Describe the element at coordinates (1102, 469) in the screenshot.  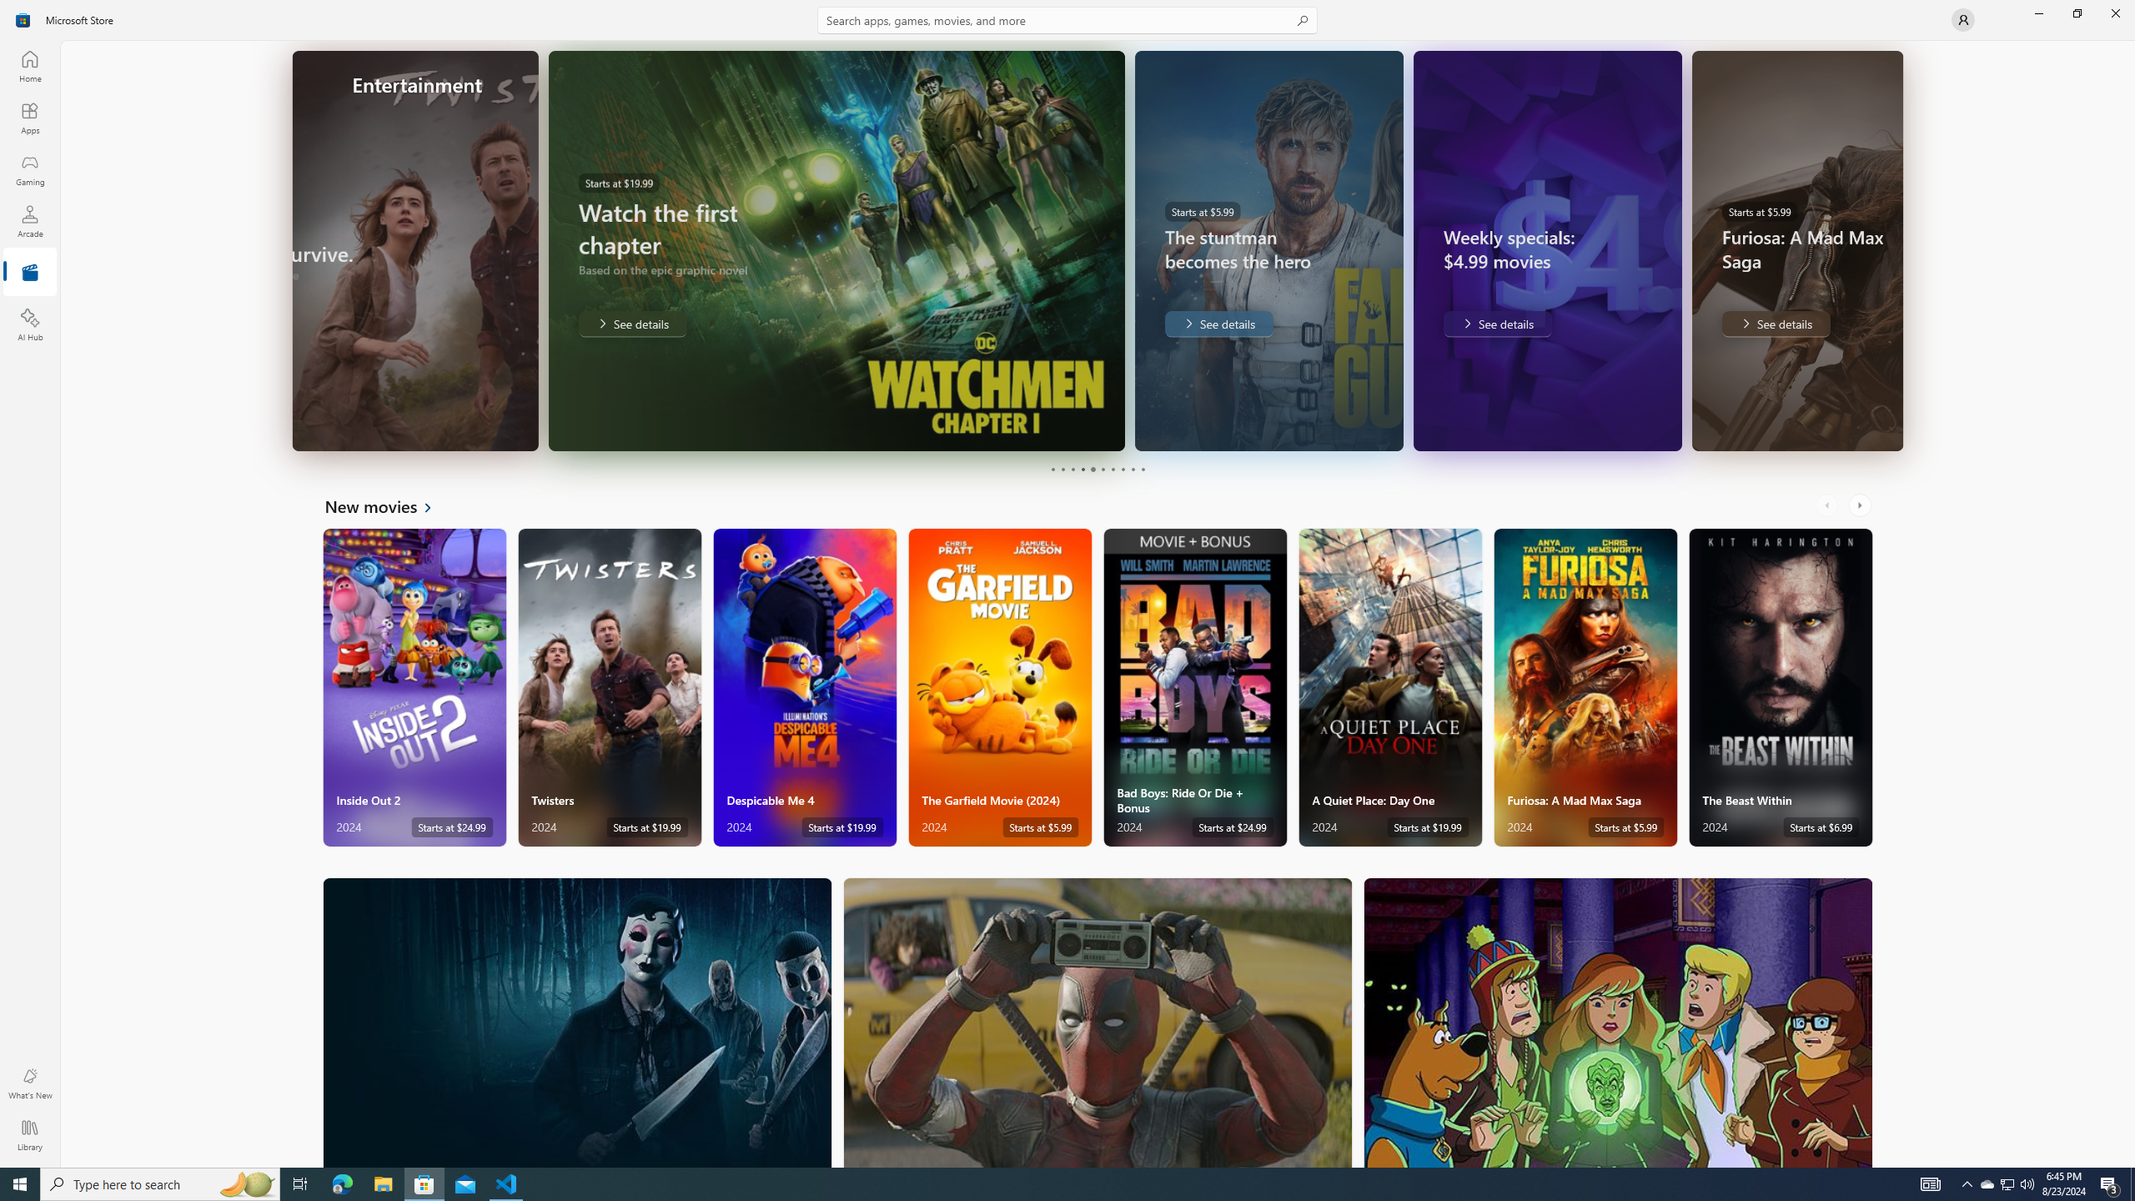
I see `'Page 6'` at that location.